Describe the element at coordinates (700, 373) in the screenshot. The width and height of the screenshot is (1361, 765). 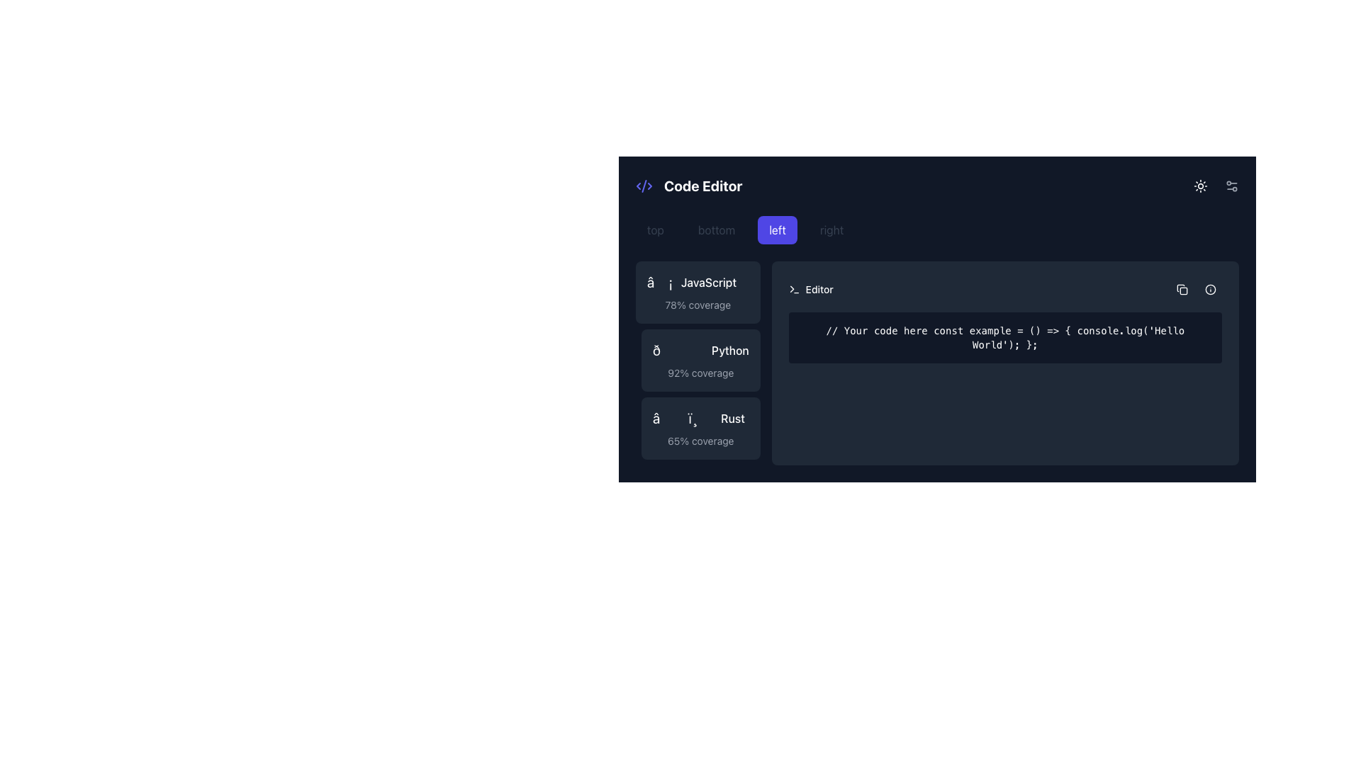
I see `the text label displaying '92% coverage' located within the 'Python' card, positioned at the bottom left of the main interface` at that location.